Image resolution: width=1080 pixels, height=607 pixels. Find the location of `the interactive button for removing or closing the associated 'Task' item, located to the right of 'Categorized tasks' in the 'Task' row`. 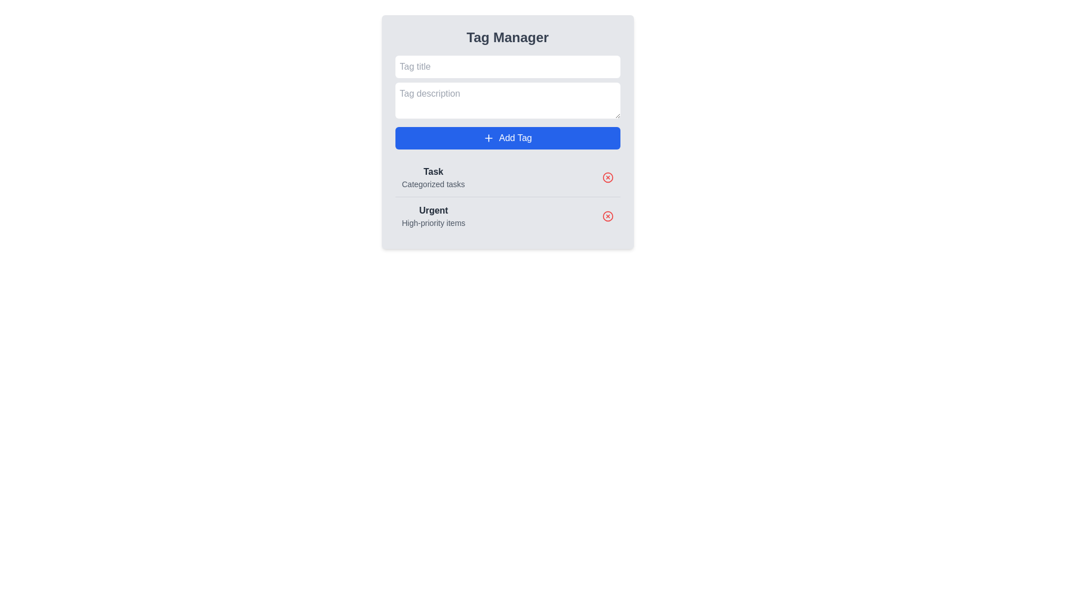

the interactive button for removing or closing the associated 'Task' item, located to the right of 'Categorized tasks' in the 'Task' row is located at coordinates (607, 177).